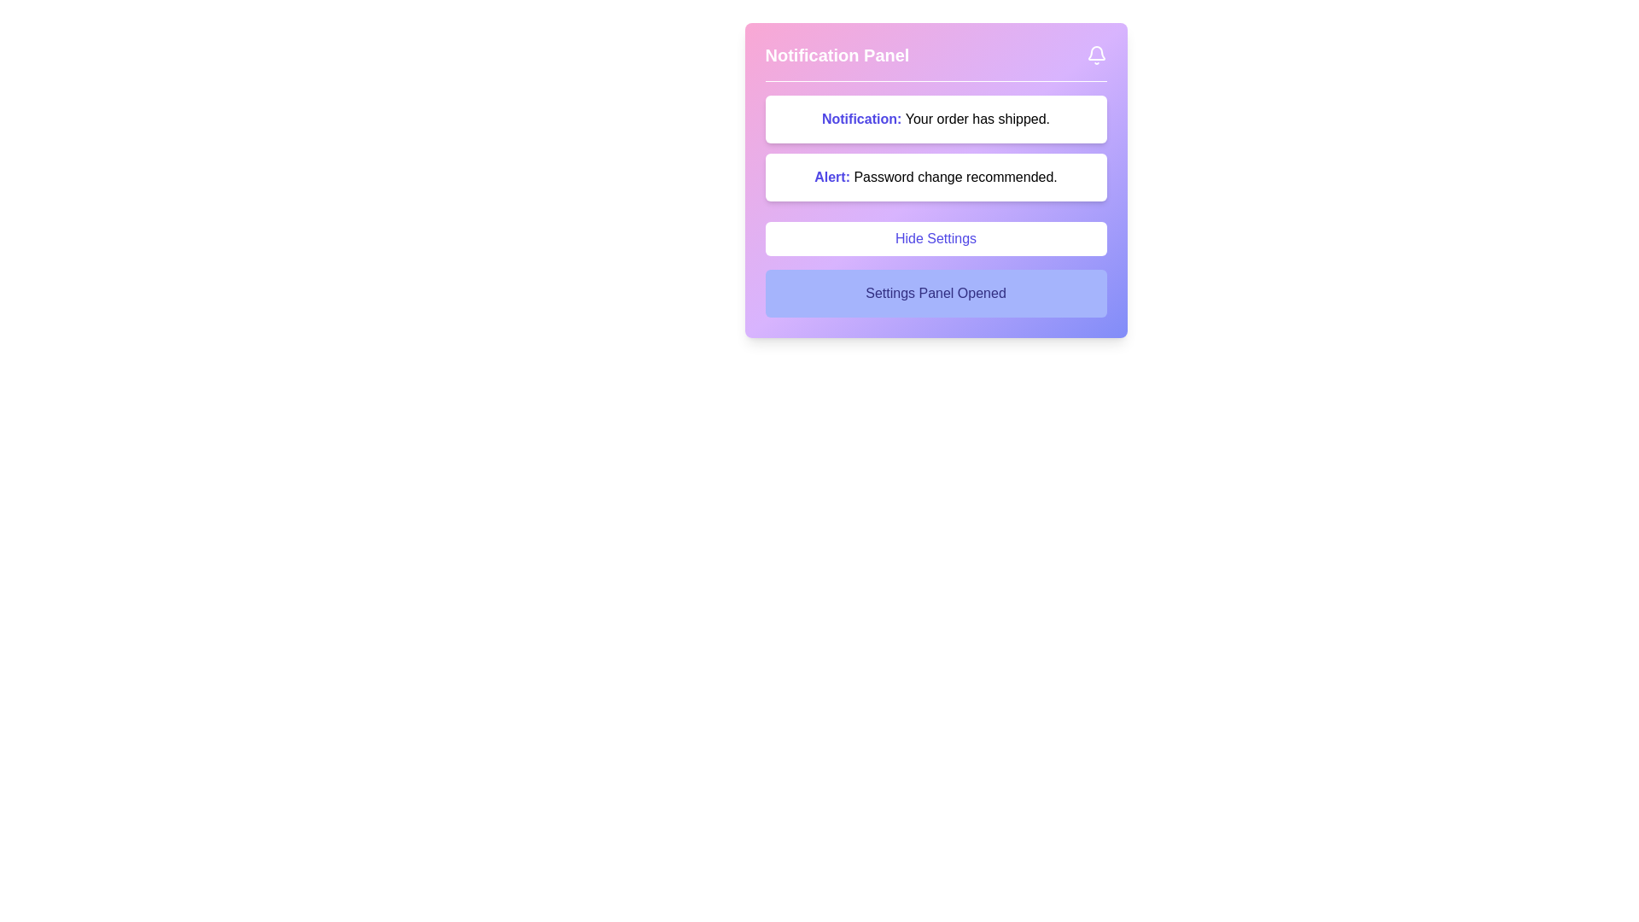 This screenshot has height=922, width=1639. What do you see at coordinates (1096, 55) in the screenshot?
I see `the bell icon located at the far-right end of the header section of the notification panel for interaction` at bounding box center [1096, 55].